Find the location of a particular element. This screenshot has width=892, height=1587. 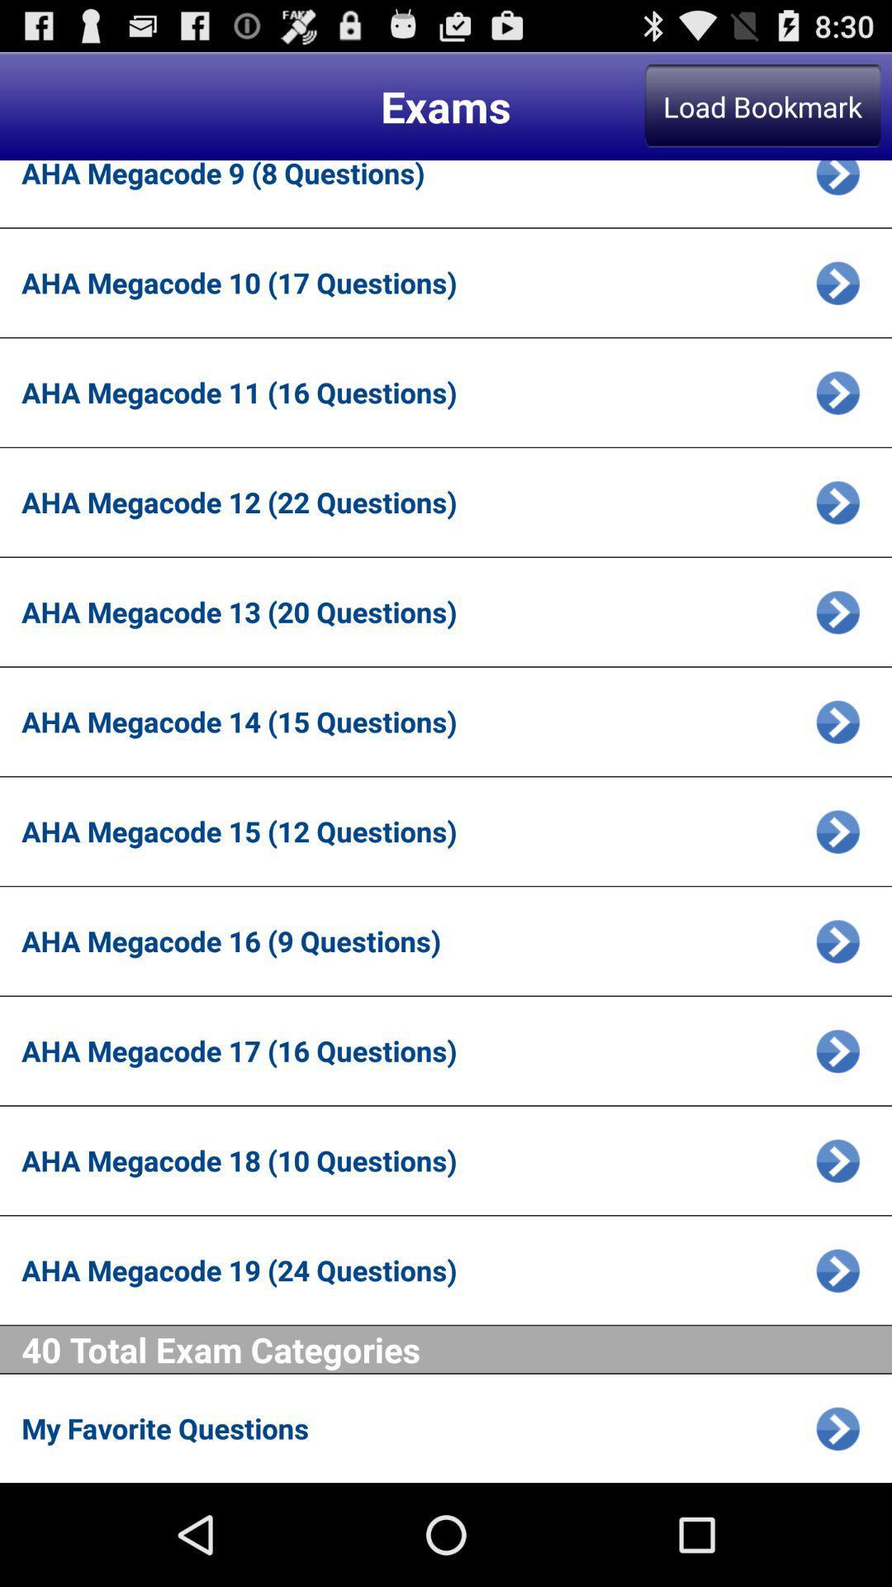

my favorite questions app is located at coordinates (412, 1427).